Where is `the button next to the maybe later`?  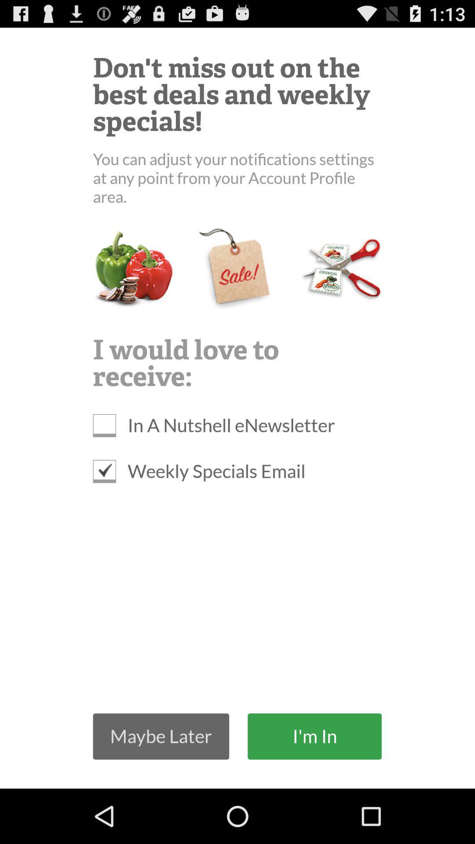
the button next to the maybe later is located at coordinates (314, 736).